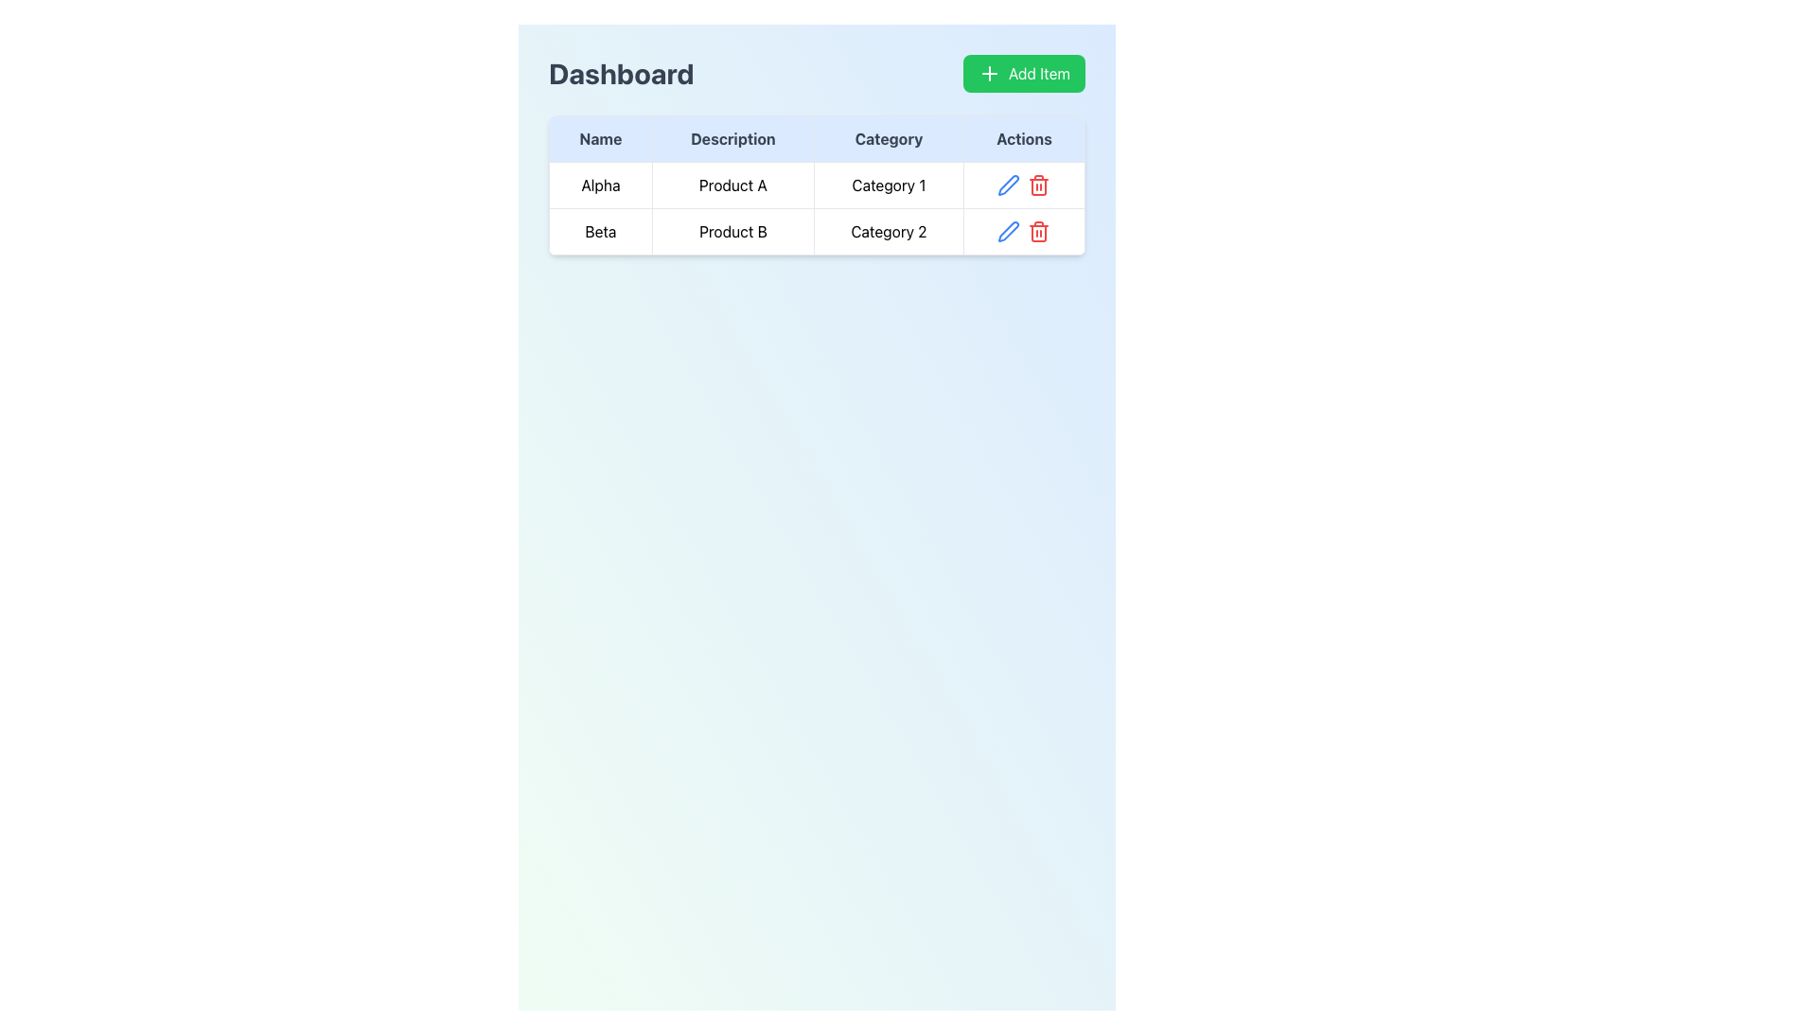 Image resolution: width=1817 pixels, height=1022 pixels. I want to click on the add item icon located to the left of the 'Add Item' text, so click(989, 72).